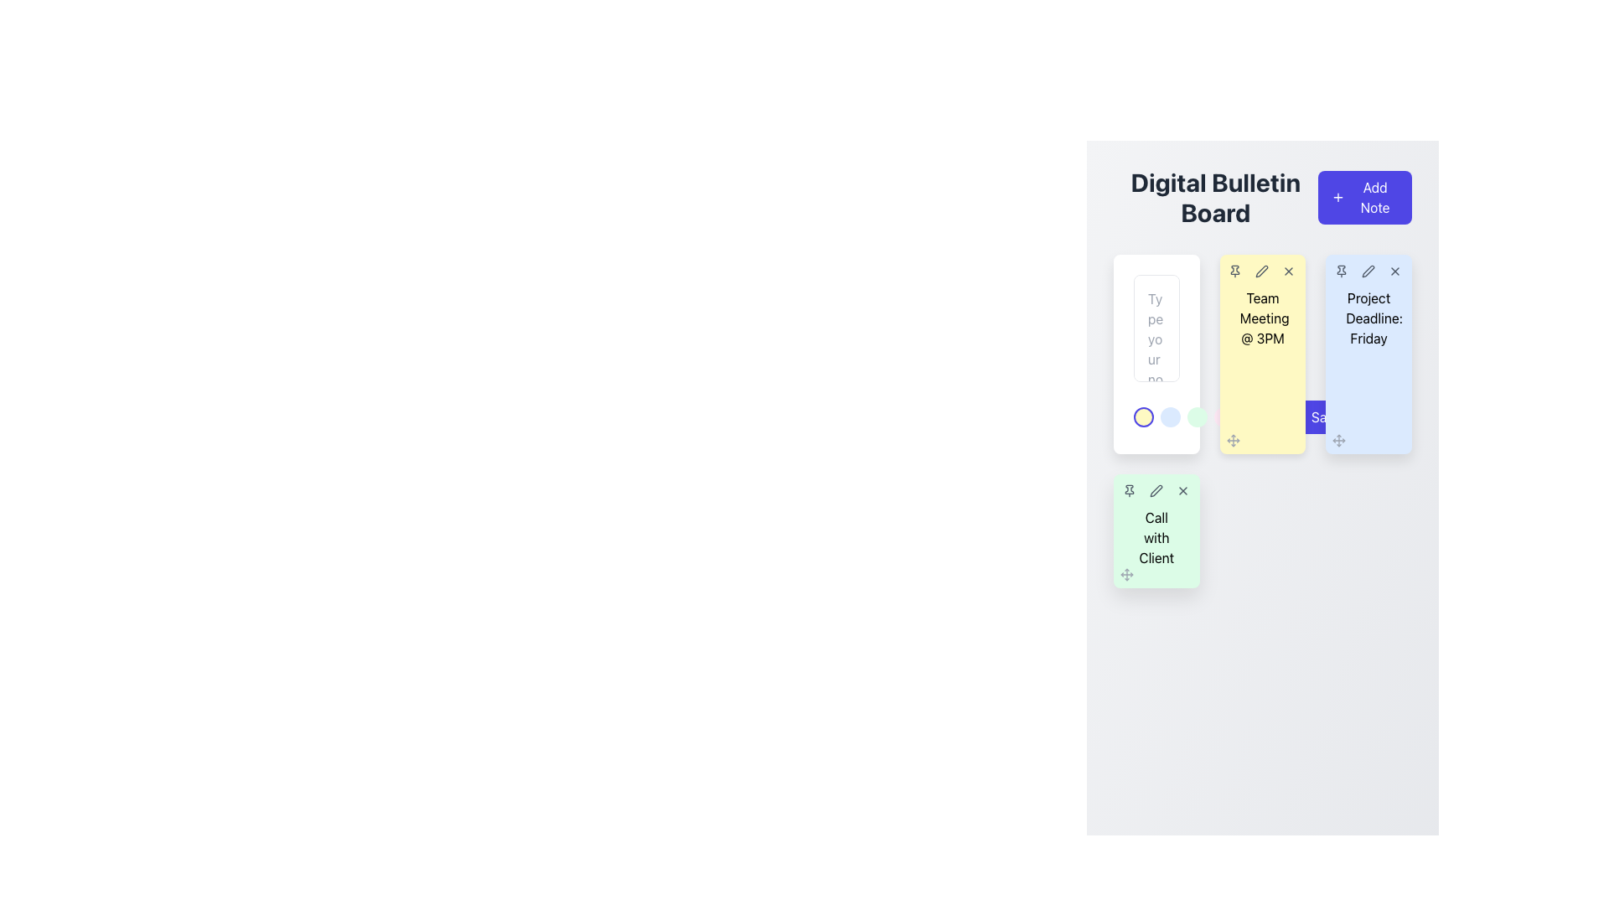  Describe the element at coordinates (1395, 271) in the screenshot. I see `the small button with an 'X' icon located at the top-right corner of the blue note card titled 'Project Deadline: Friday'` at that location.